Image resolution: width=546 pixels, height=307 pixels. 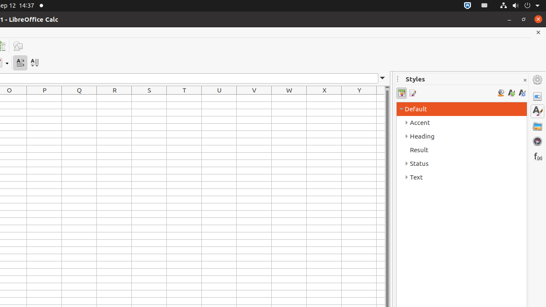 What do you see at coordinates (511, 93) in the screenshot?
I see `'New Style from Selection'` at bounding box center [511, 93].